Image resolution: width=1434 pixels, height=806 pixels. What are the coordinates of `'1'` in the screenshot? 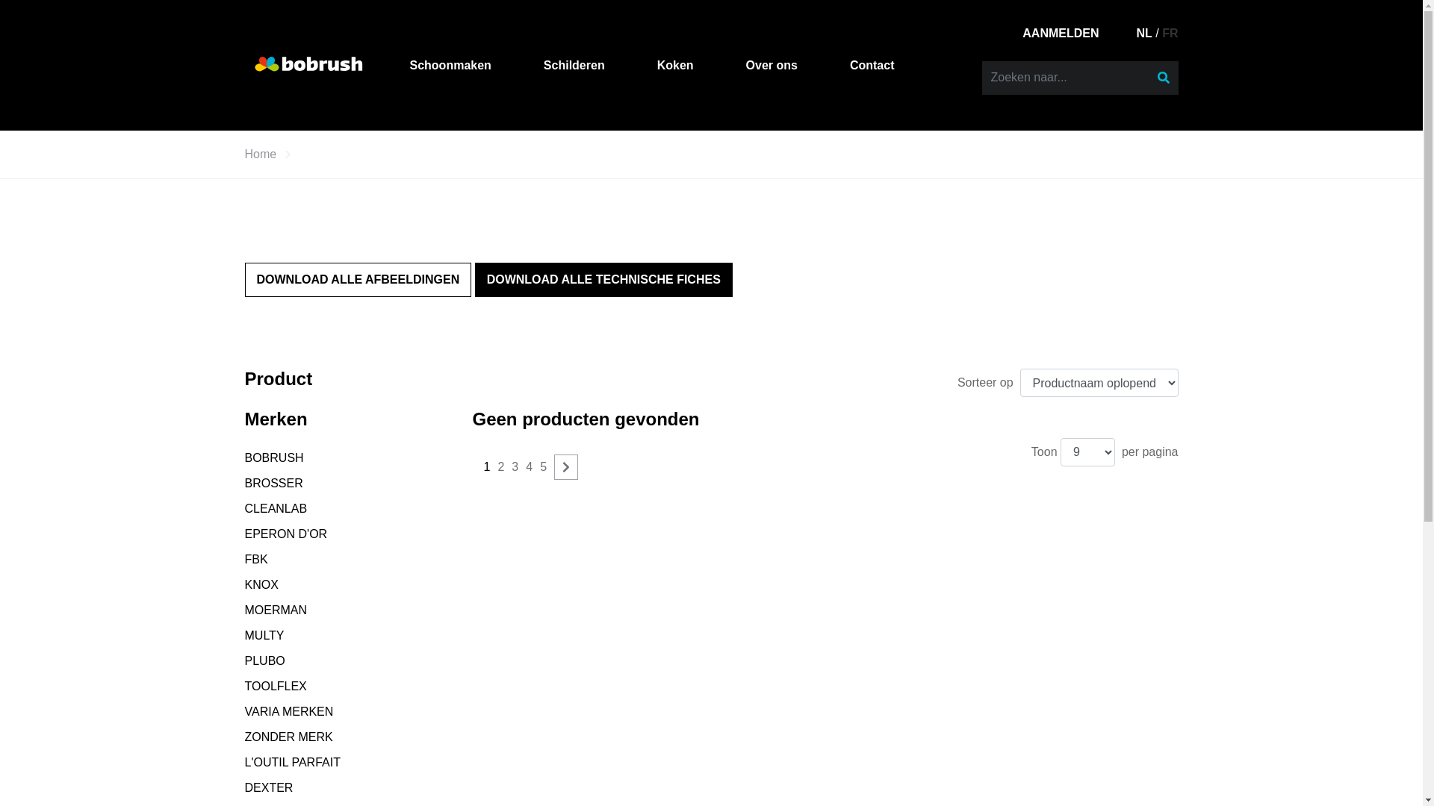 It's located at (487, 466).